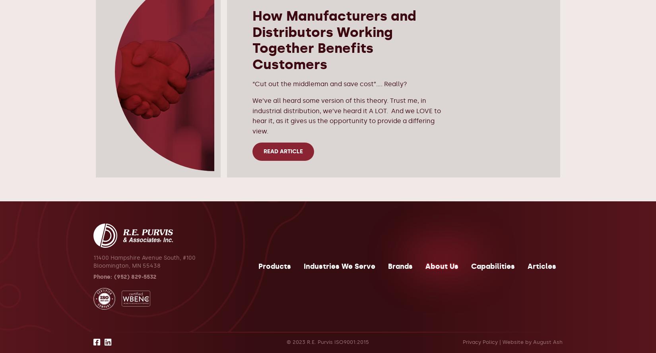 Image resolution: width=656 pixels, height=353 pixels. I want to click on '11400 Hampshire Avenue South, #100', so click(144, 257).